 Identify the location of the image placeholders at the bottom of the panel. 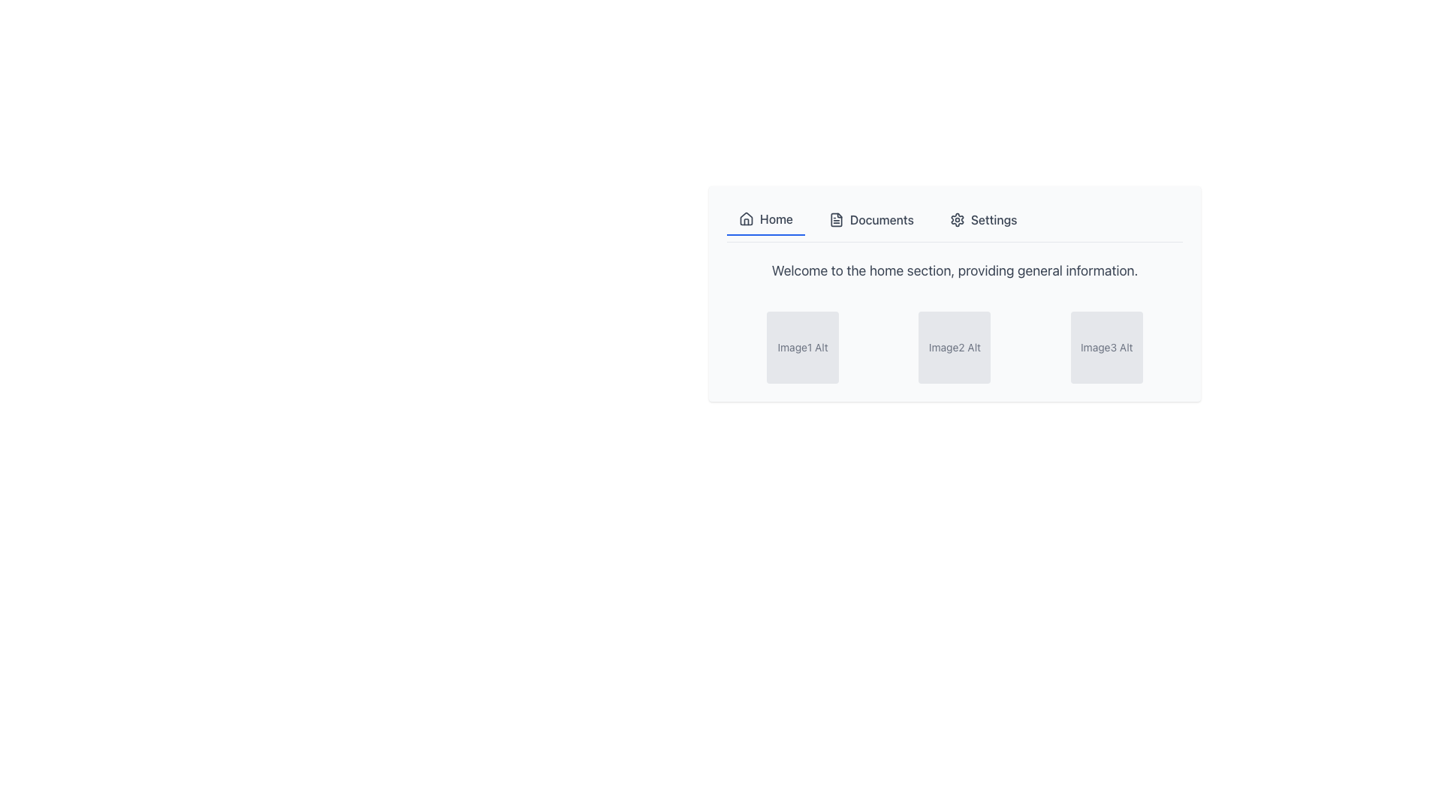
(954, 294).